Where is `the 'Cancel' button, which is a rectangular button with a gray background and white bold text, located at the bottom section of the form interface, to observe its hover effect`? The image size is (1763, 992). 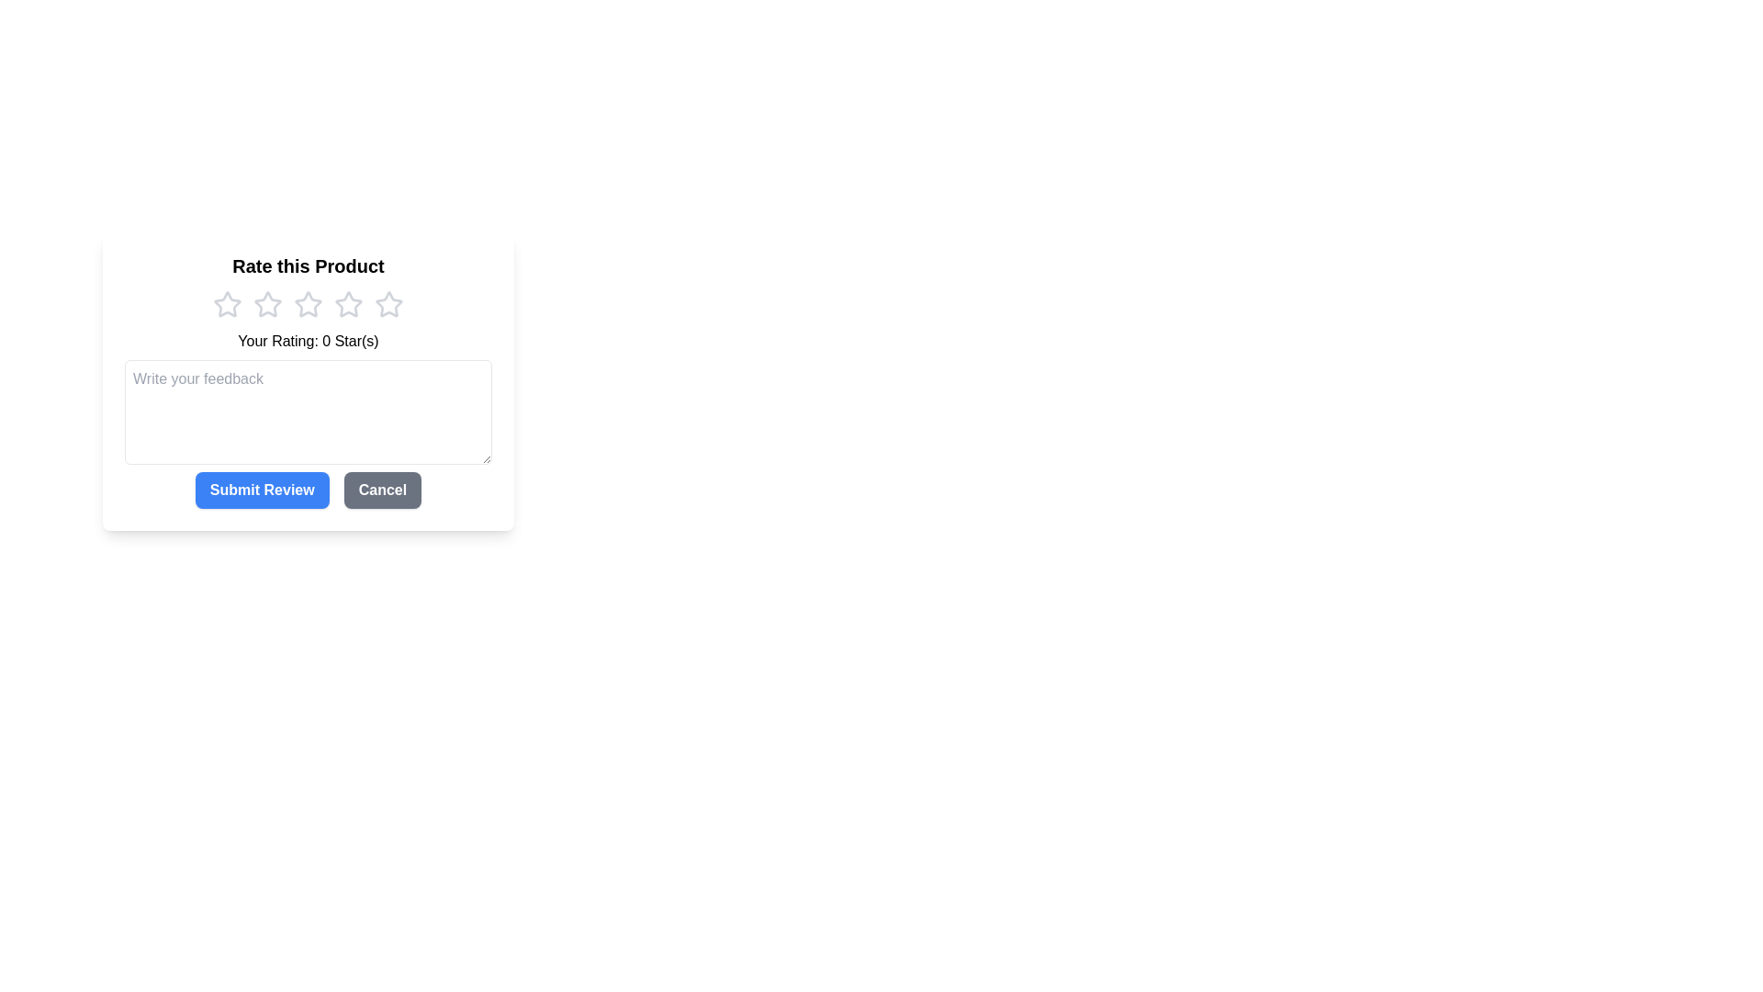 the 'Cancel' button, which is a rectangular button with a gray background and white bold text, located at the bottom section of the form interface, to observe its hover effect is located at coordinates (381, 489).